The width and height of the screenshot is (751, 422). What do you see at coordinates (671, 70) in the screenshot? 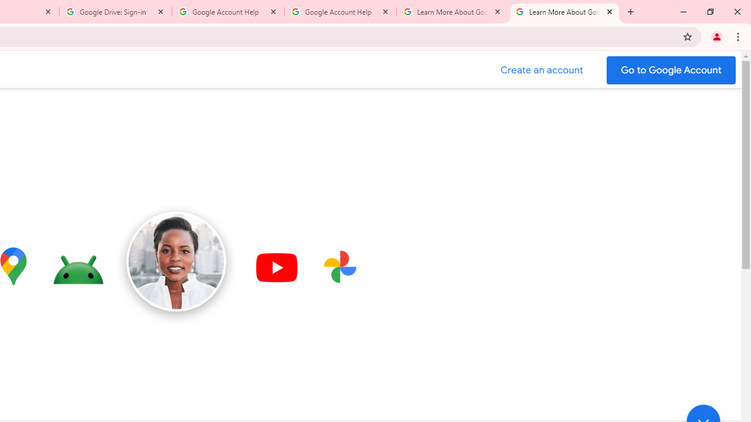
I see `'Go to your Google Account'` at bounding box center [671, 70].